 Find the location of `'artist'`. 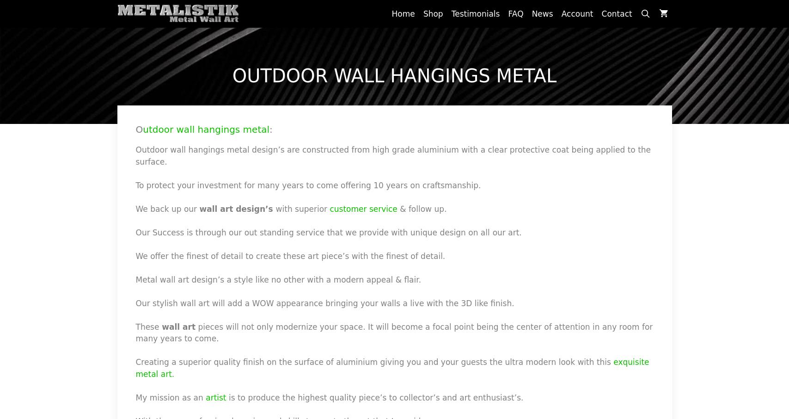

'artist' is located at coordinates (216, 396).